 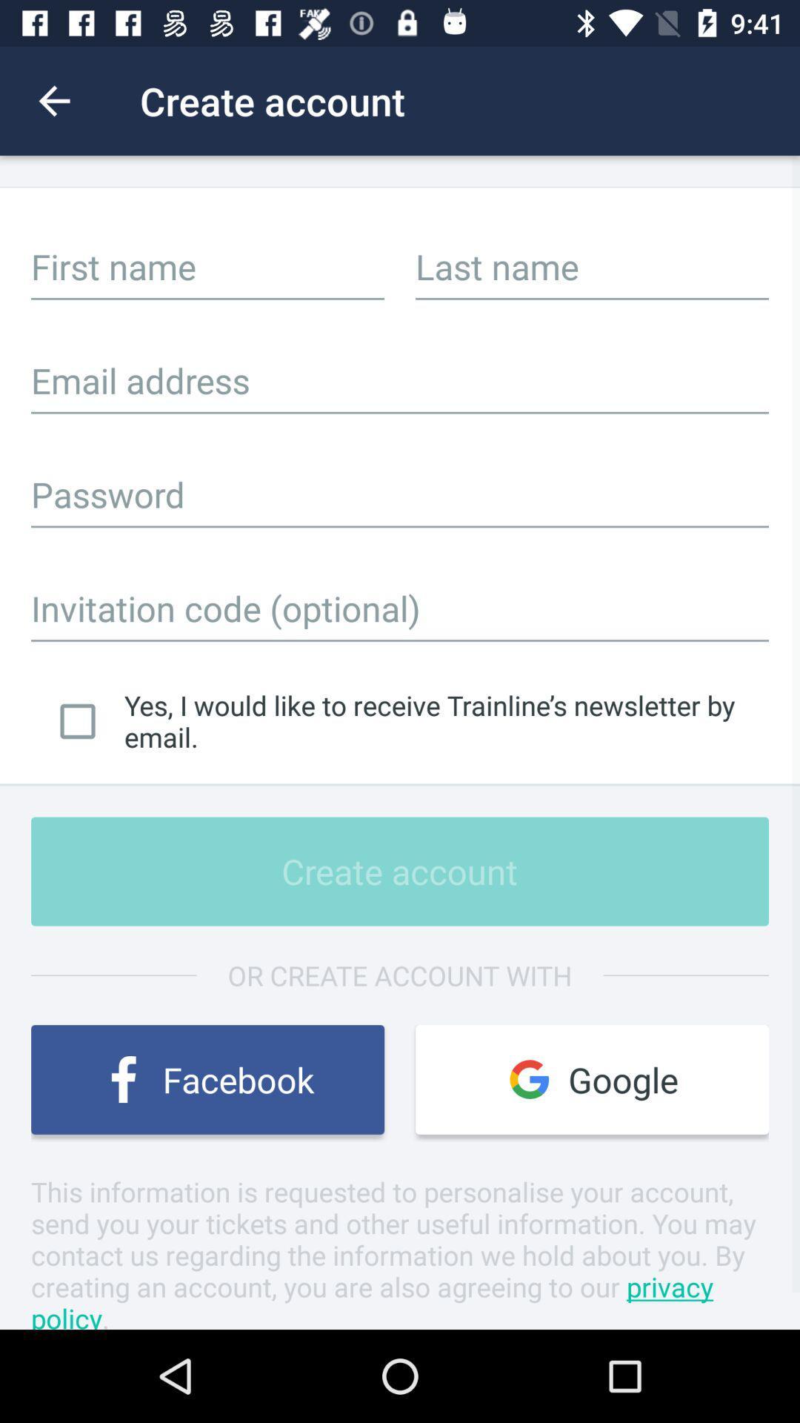 What do you see at coordinates (591, 266) in the screenshot?
I see `input last name` at bounding box center [591, 266].